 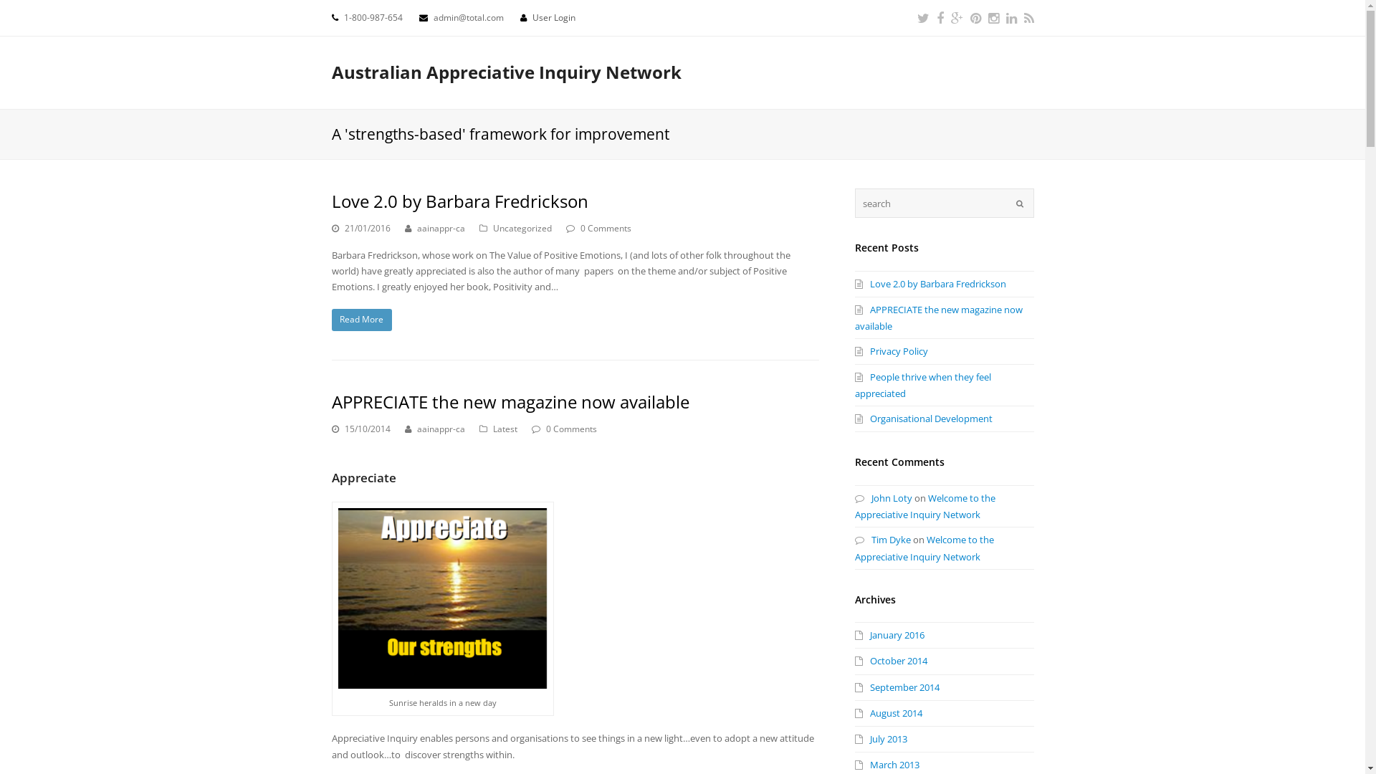 I want to click on 'August 2014', so click(x=887, y=713).